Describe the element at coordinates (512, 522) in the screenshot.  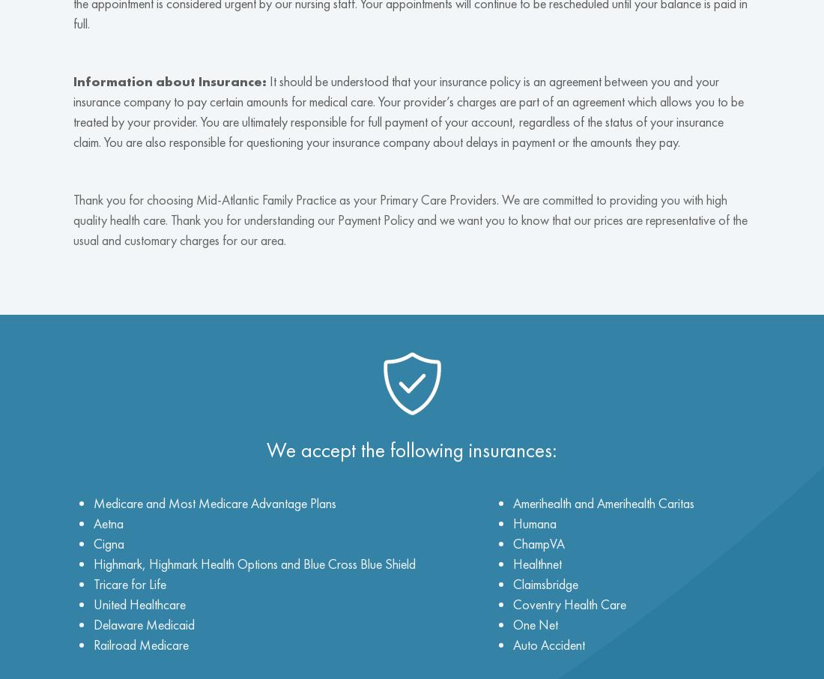
I see `'Humana'` at that location.